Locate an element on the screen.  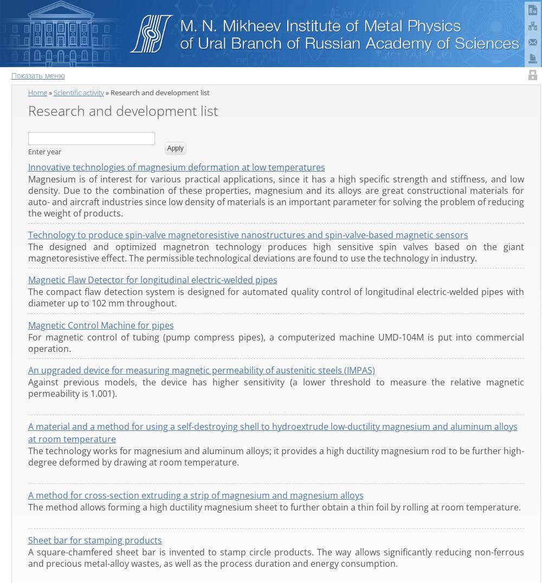
'Home' is located at coordinates (36, 91).